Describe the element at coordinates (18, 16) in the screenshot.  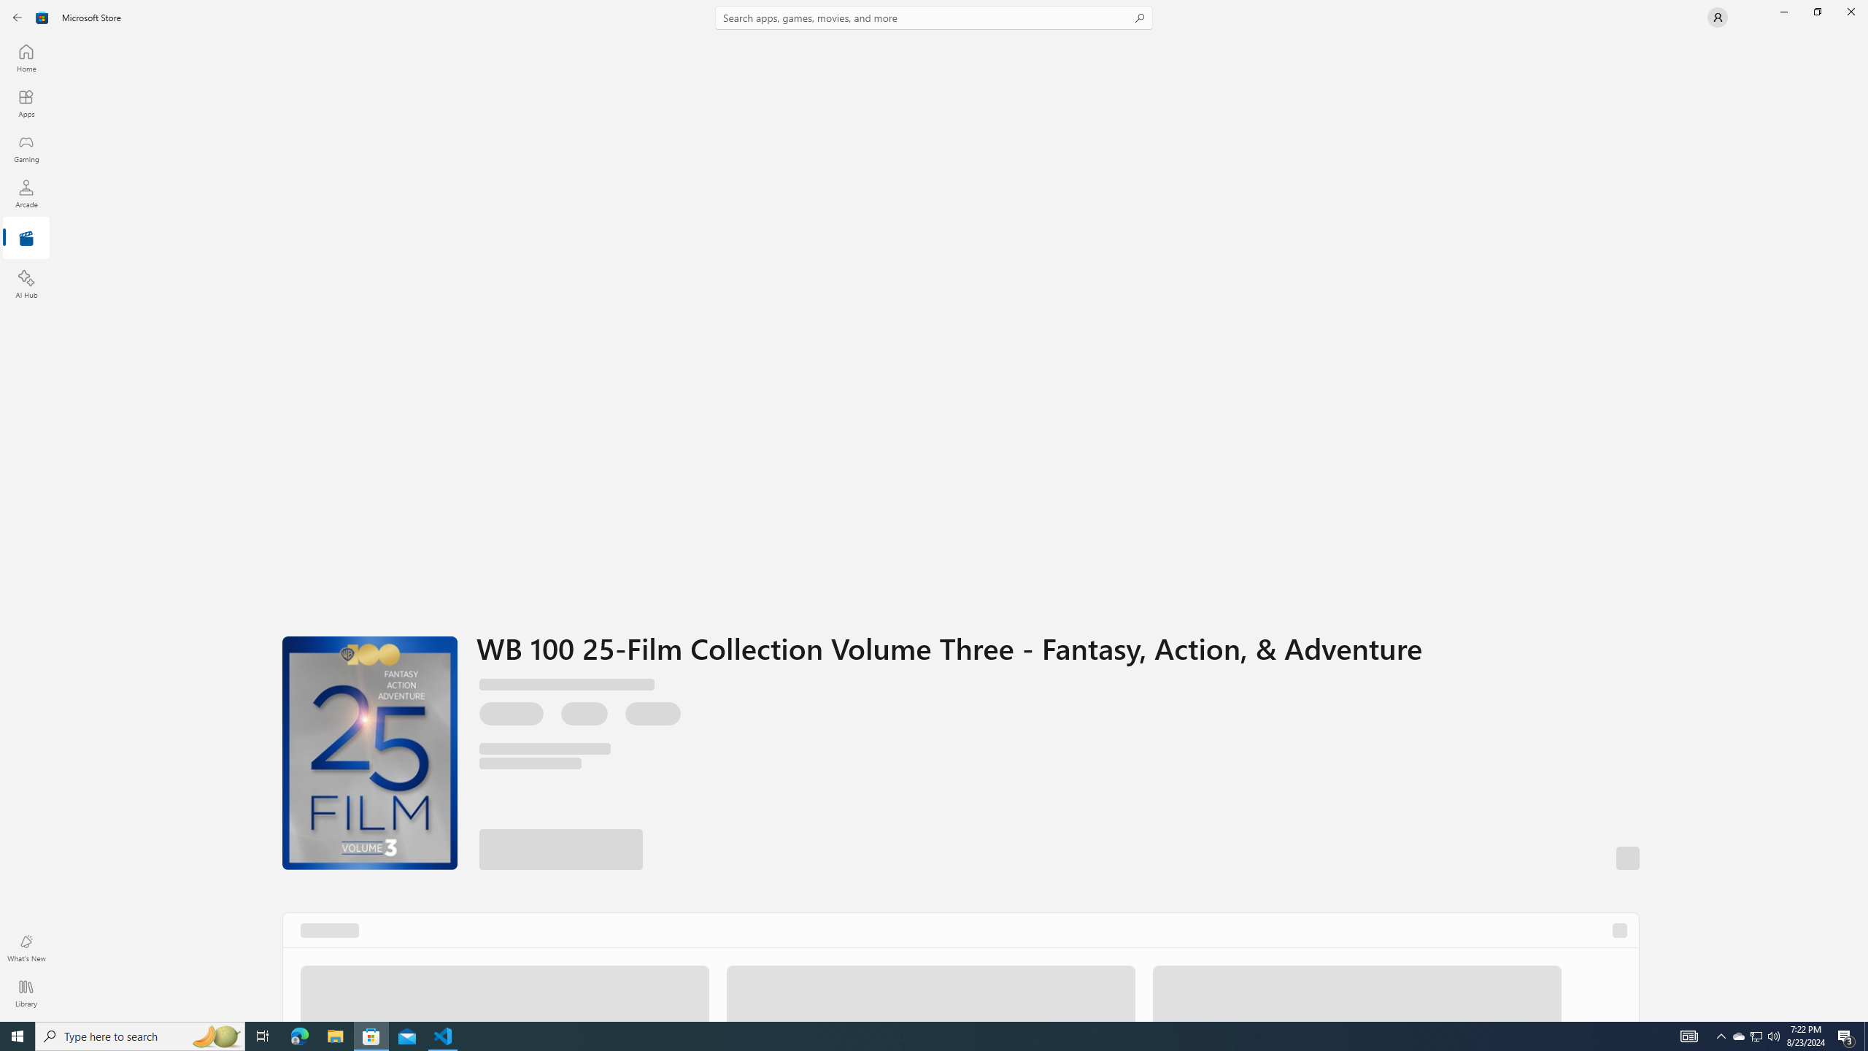
I see `'Back'` at that location.